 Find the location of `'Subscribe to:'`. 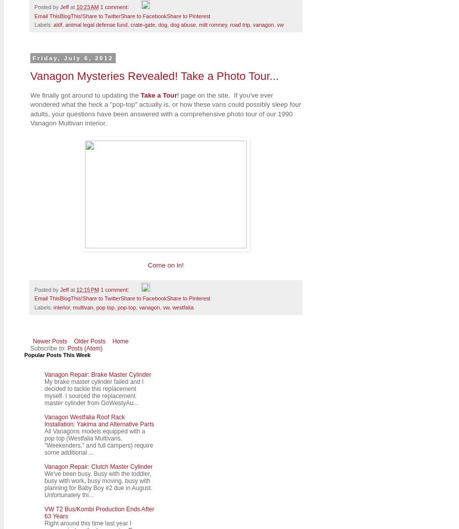

'Subscribe to:' is located at coordinates (30, 347).